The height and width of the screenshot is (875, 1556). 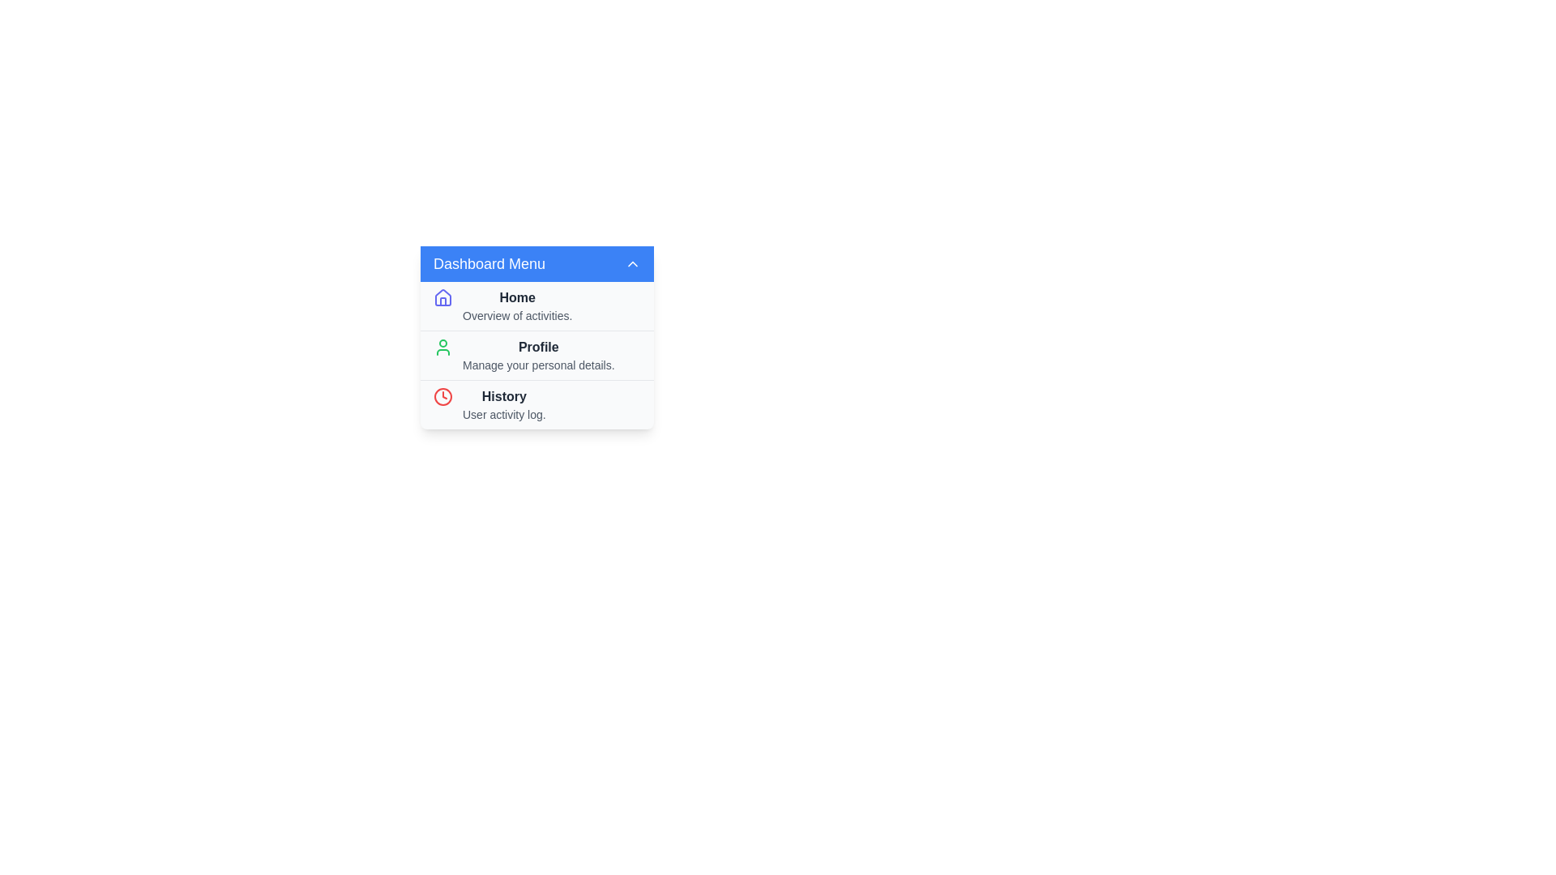 I want to click on the 'Home' text element in the 'Dashboard Menu' dropdown, which is the first item displaying 'Home' in bold black font and 'Overview of activities.' in smaller gray font, so click(x=516, y=306).